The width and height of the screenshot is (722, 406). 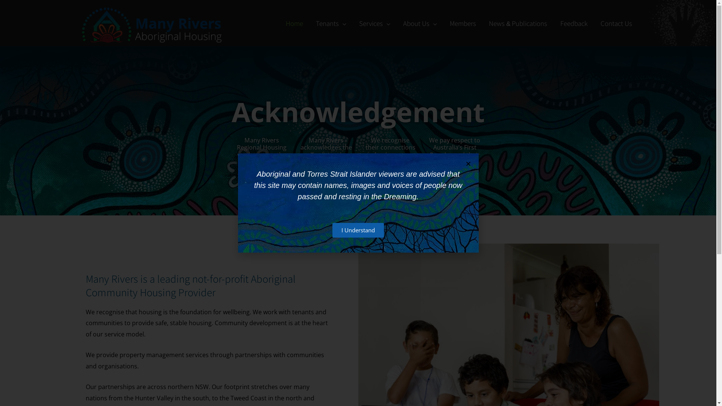 What do you see at coordinates (462, 23) in the screenshot?
I see `'Members'` at bounding box center [462, 23].